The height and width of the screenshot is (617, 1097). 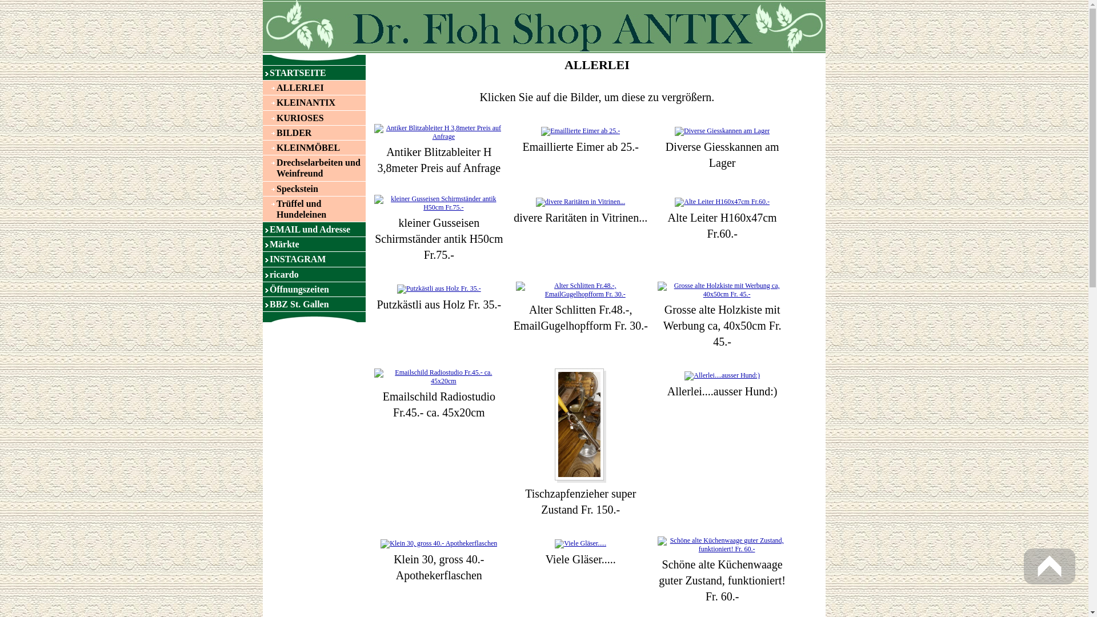 What do you see at coordinates (314, 73) in the screenshot?
I see `'STARTSEITE'` at bounding box center [314, 73].